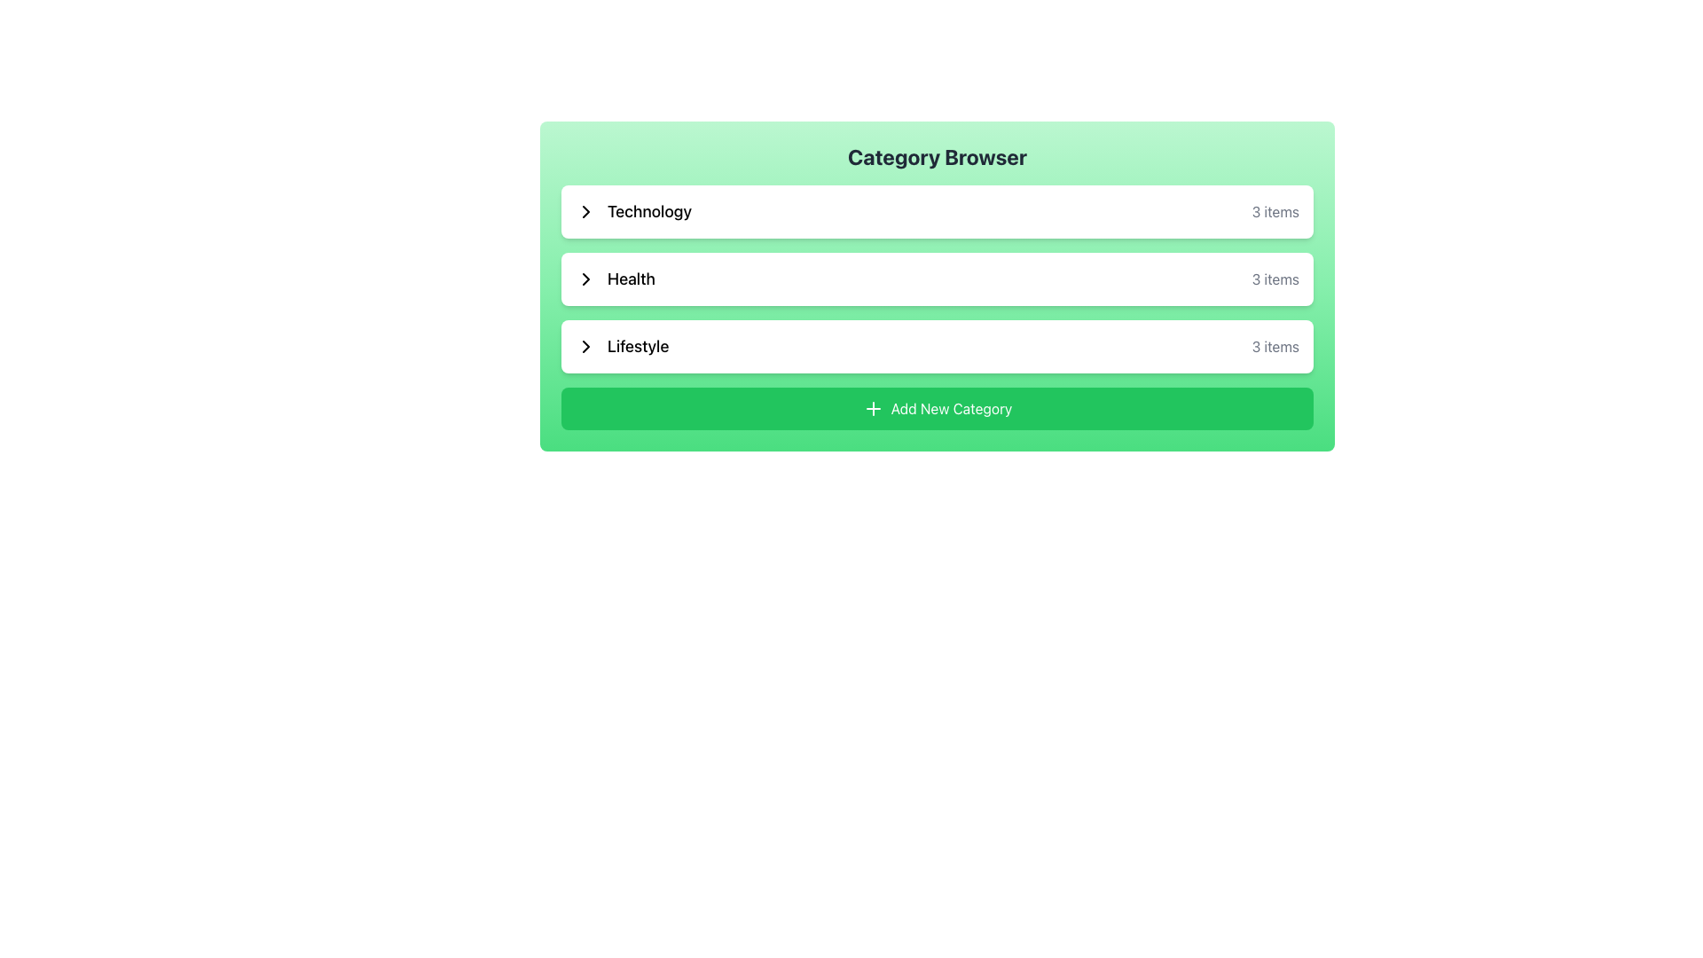 Image resolution: width=1703 pixels, height=958 pixels. What do you see at coordinates (1275, 279) in the screenshot?
I see `text label that indicates the number of items associated with the 'Health' category, located on the right side of the horizontal row labeled 'Health'` at bounding box center [1275, 279].